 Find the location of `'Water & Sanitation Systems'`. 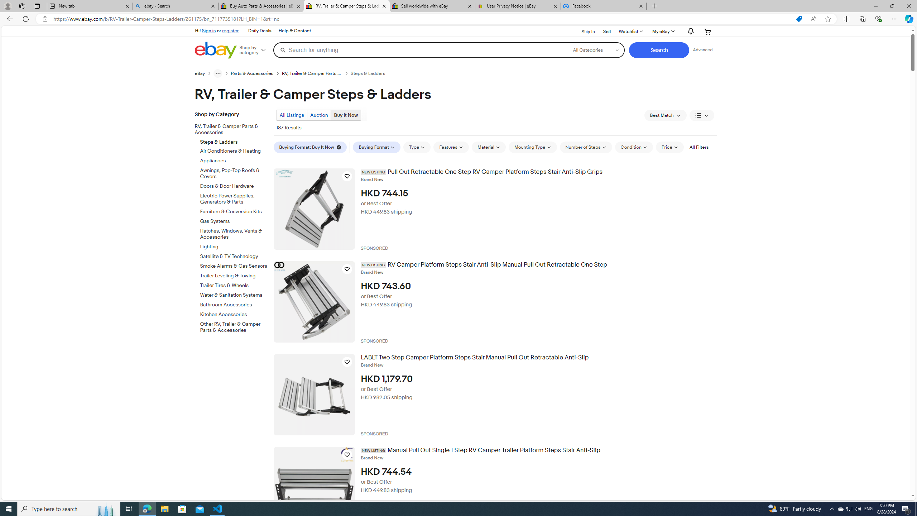

'Water & Sanitation Systems' is located at coordinates (234, 293).